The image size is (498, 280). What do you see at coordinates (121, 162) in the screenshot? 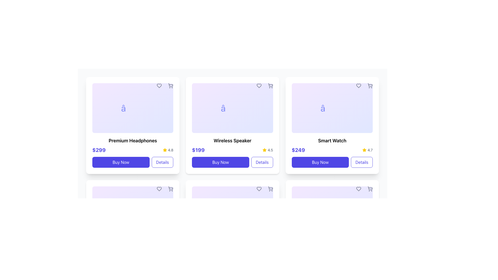
I see `the 'Buy Now' button with a vivid indigo background and white text to trigger the background color change effect` at bounding box center [121, 162].